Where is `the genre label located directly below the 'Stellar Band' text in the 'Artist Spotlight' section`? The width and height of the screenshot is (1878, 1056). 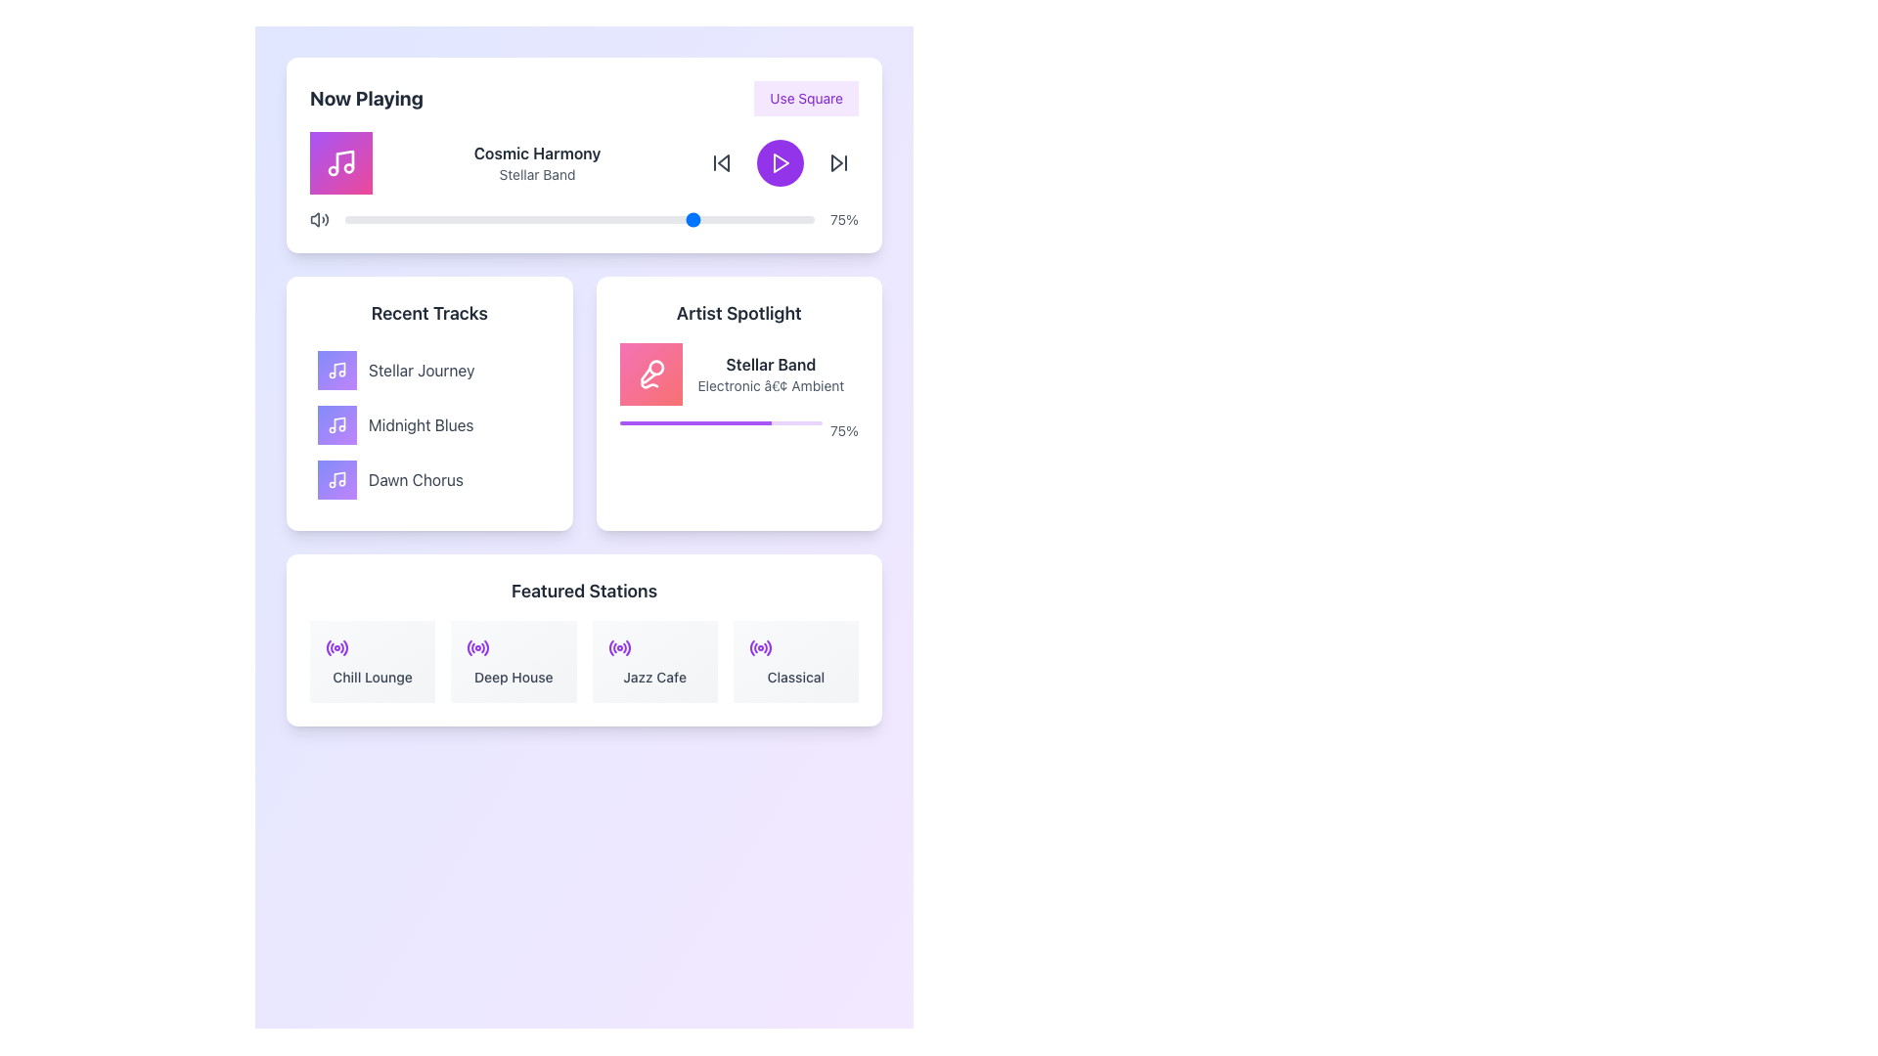 the genre label located directly below the 'Stellar Band' text in the 'Artist Spotlight' section is located at coordinates (770, 385).